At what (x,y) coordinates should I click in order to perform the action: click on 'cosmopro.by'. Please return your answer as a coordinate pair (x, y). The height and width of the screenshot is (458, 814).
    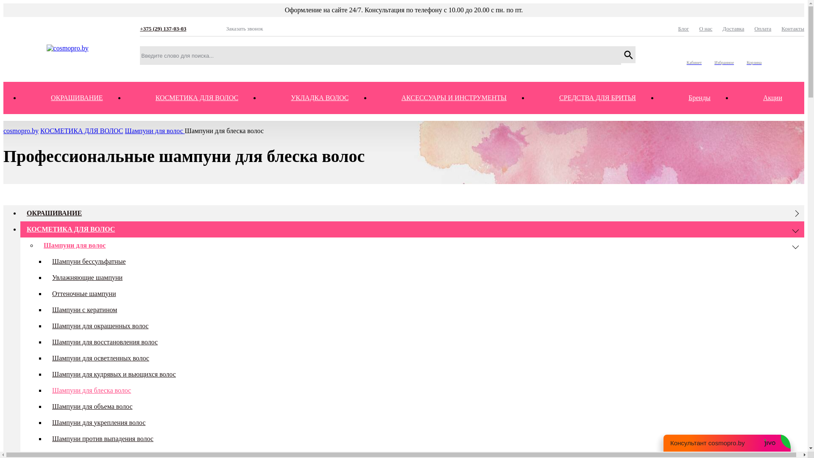
    Looking at the image, I should click on (21, 131).